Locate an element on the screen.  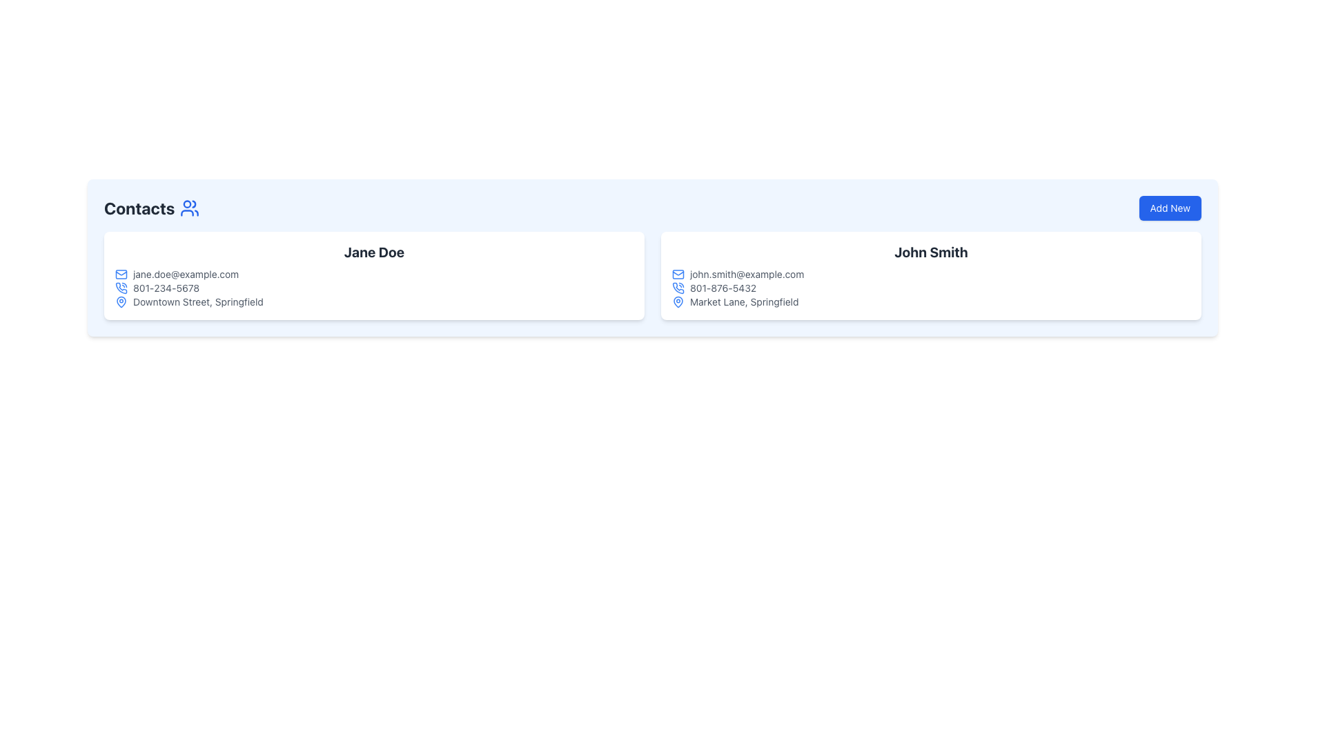
the 'Contacts' text label that displays the word 'Contacts' in bold, large font, accompanied by a user icon on its right is located at coordinates (152, 208).